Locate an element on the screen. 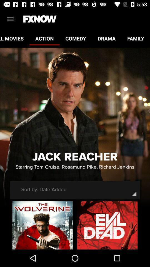  icon below the starring tom cruise item is located at coordinates (44, 189).